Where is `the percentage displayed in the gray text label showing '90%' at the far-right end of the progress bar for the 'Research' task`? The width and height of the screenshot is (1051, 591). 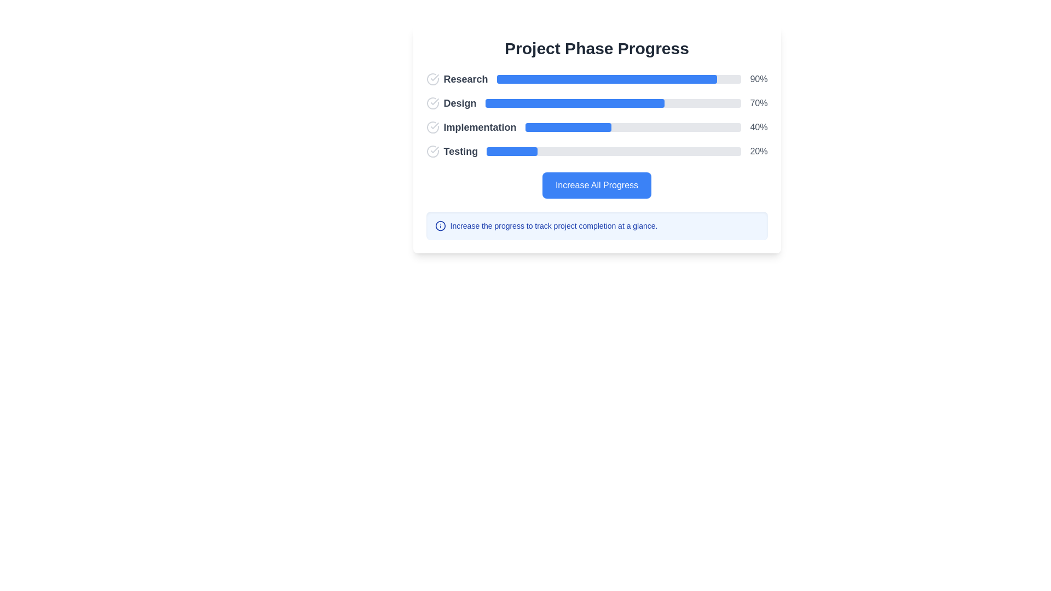
the percentage displayed in the gray text label showing '90%' at the far-right end of the progress bar for the 'Research' task is located at coordinates (758, 79).